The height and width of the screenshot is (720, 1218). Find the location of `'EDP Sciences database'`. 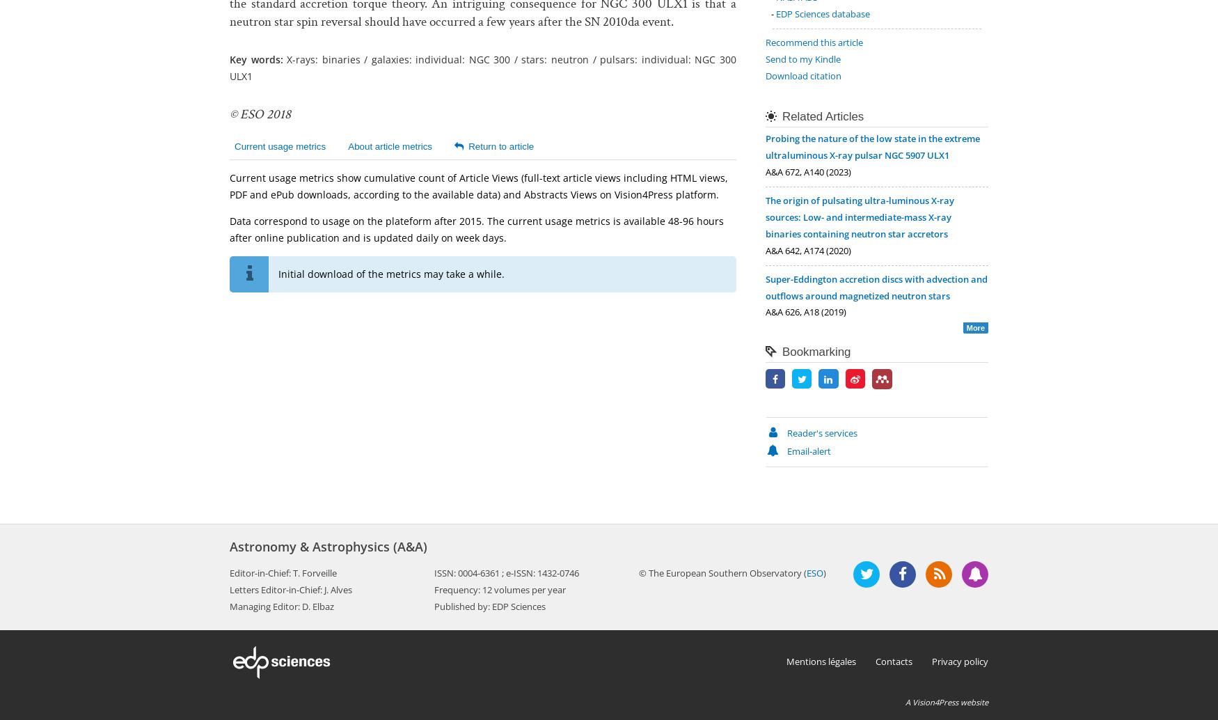

'EDP Sciences database' is located at coordinates (822, 13).